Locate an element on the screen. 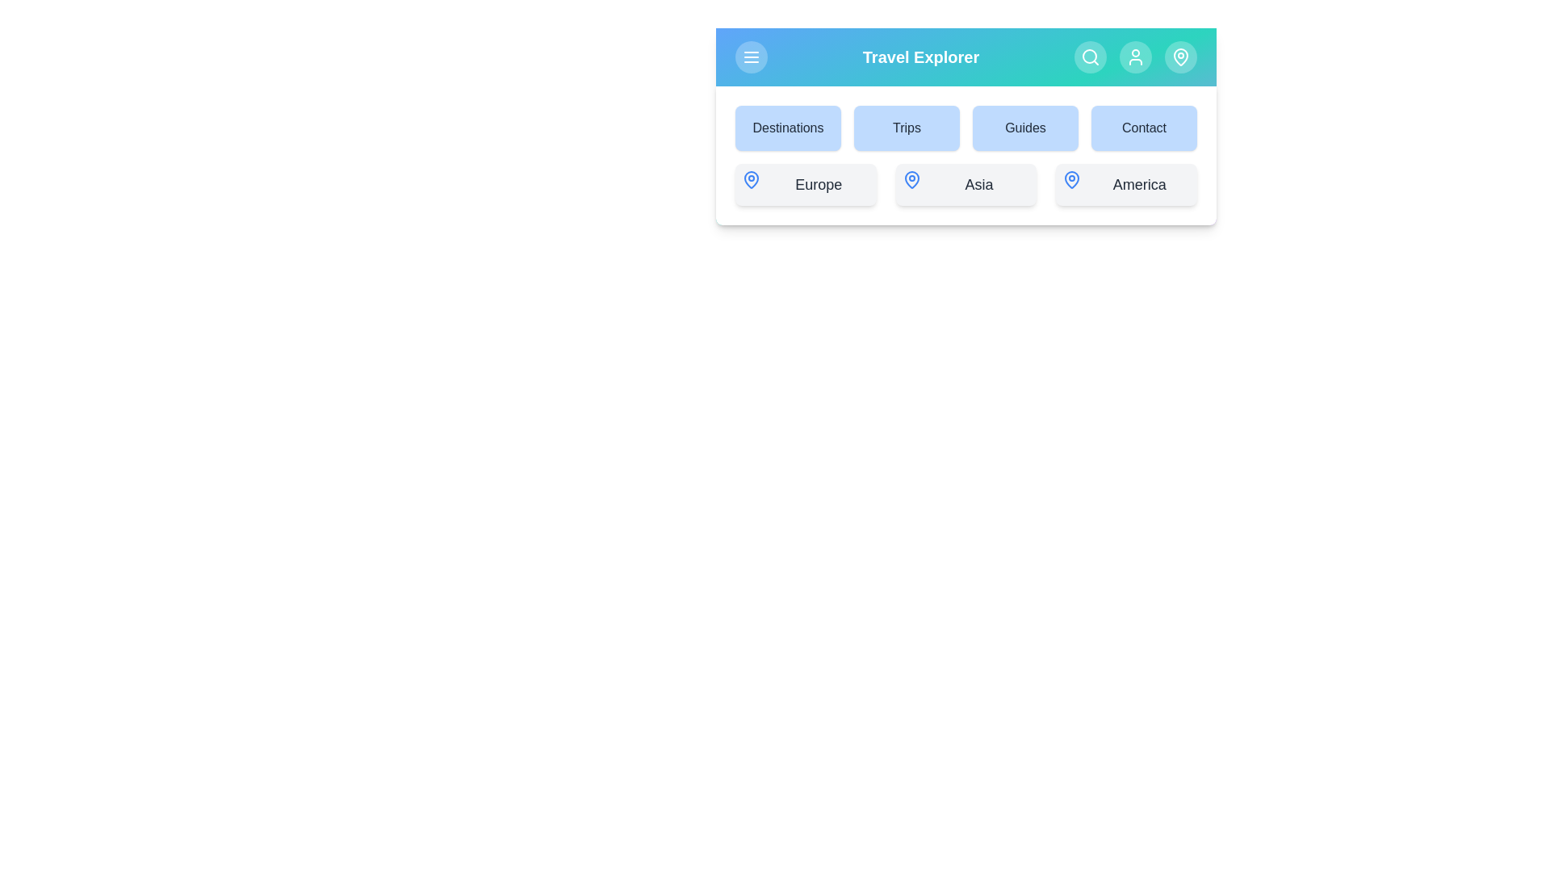 Image resolution: width=1550 pixels, height=872 pixels. the Contact button in the navigation bar is located at coordinates (1143, 127).